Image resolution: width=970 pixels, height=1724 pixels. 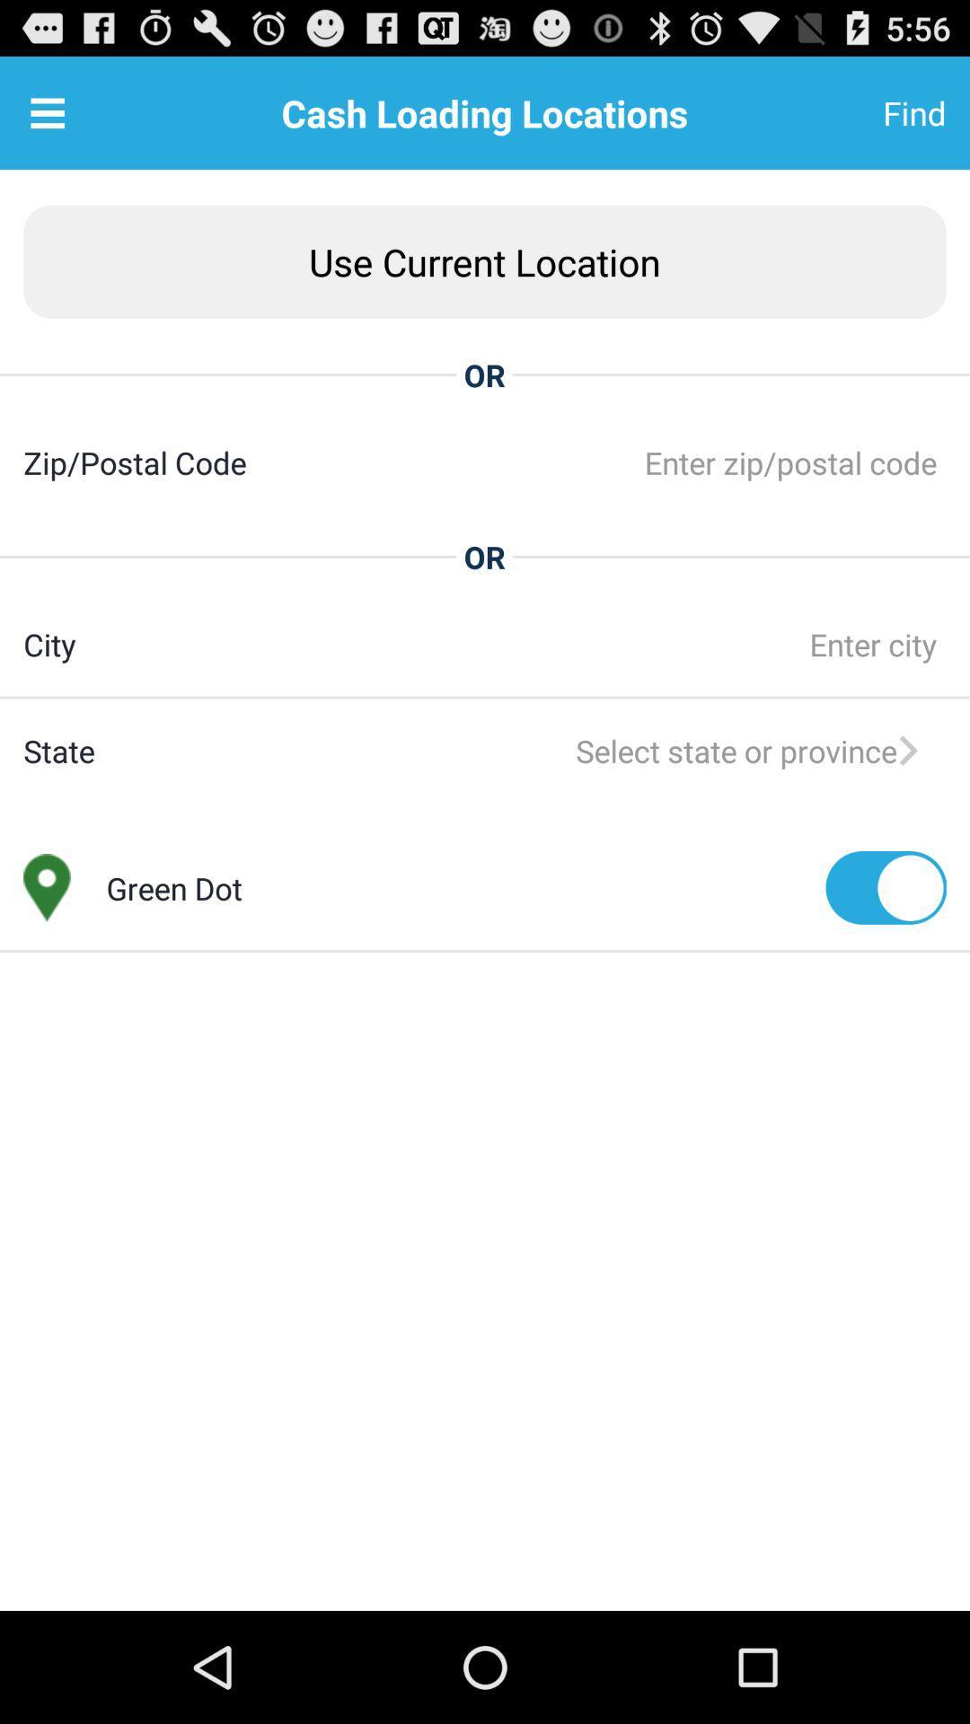 I want to click on the app to the right of green dot app, so click(x=885, y=887).